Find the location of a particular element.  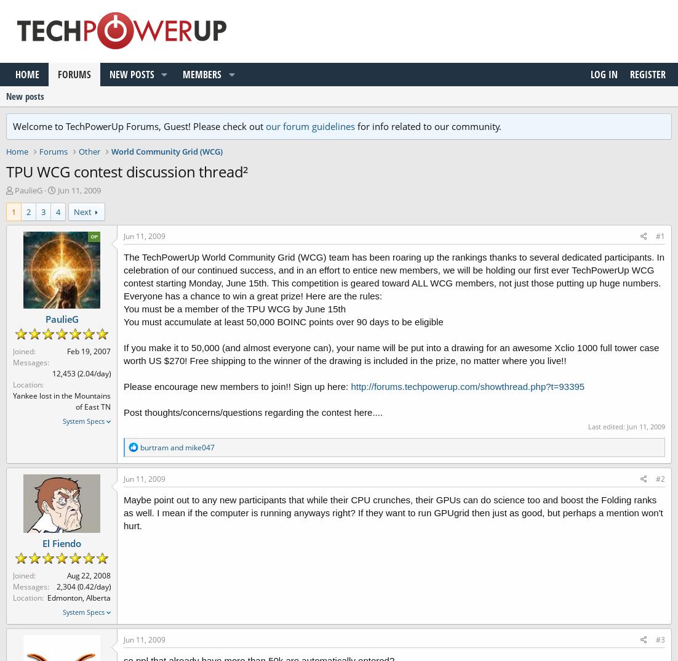

'for info related to our community.' is located at coordinates (428, 126).